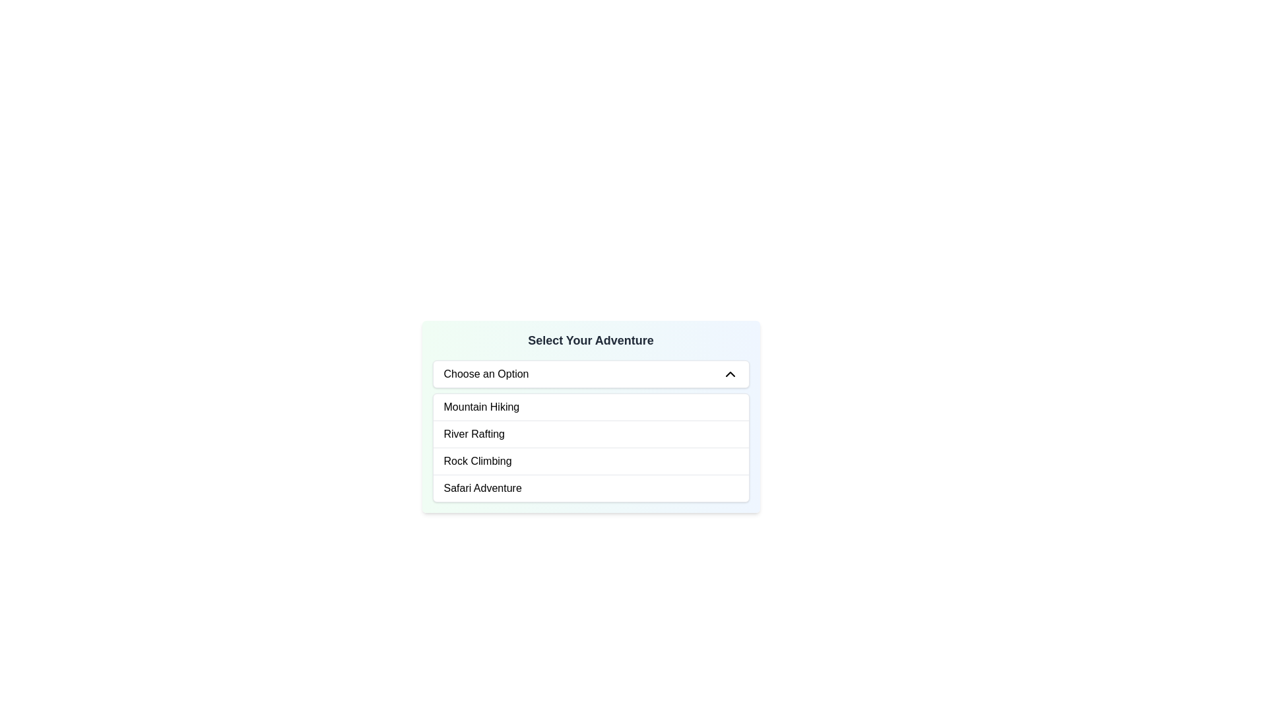 The height and width of the screenshot is (713, 1267). I want to click on the 'Mountain Hiking' option in the dropdown menu, so click(480, 407).